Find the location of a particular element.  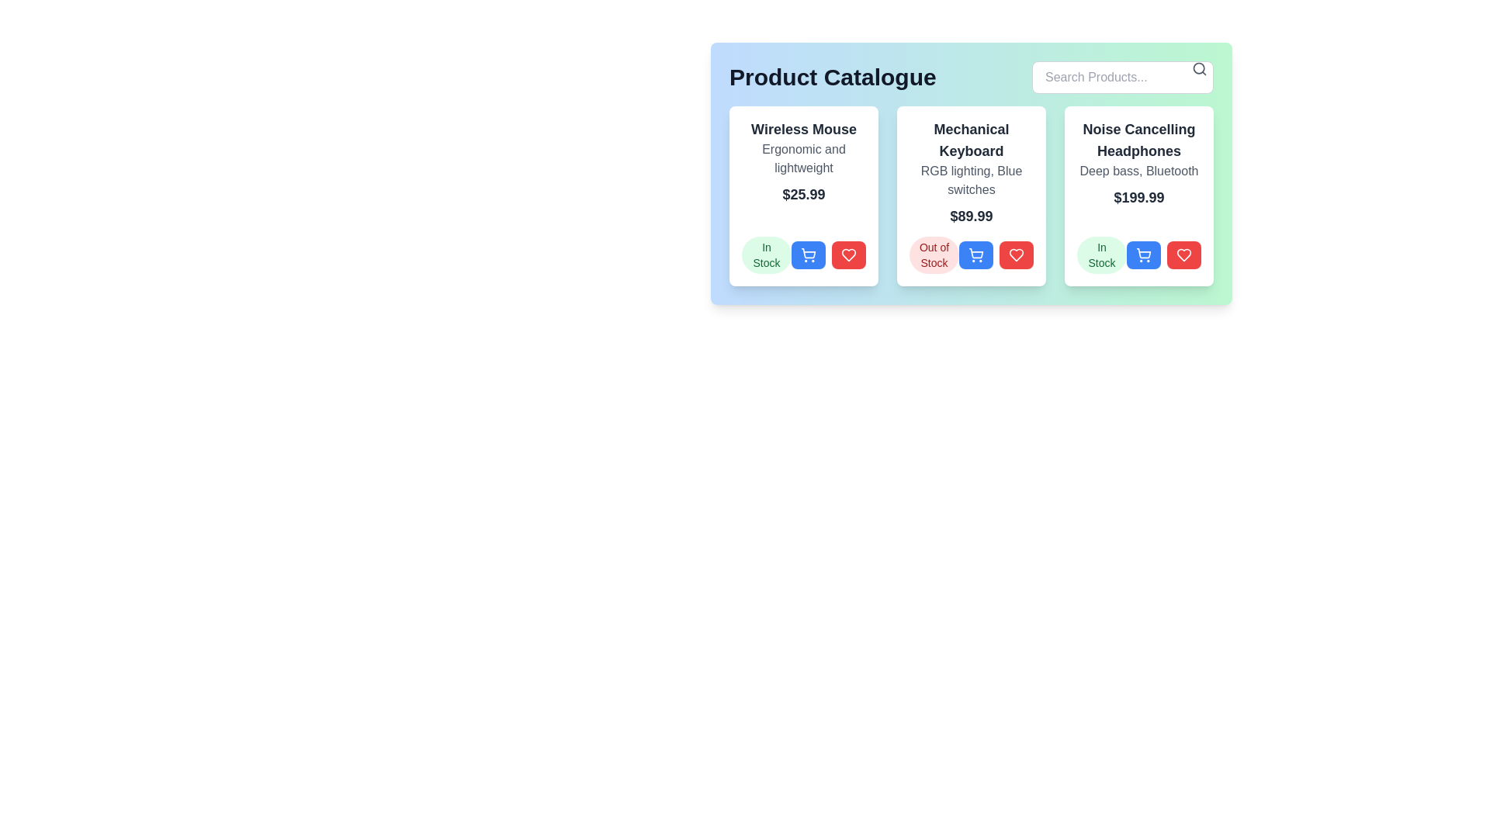

the shopping cart button icon located in the third product card for 'Noise Cancelling Headphones' for keyboard navigation is located at coordinates (1143, 252).